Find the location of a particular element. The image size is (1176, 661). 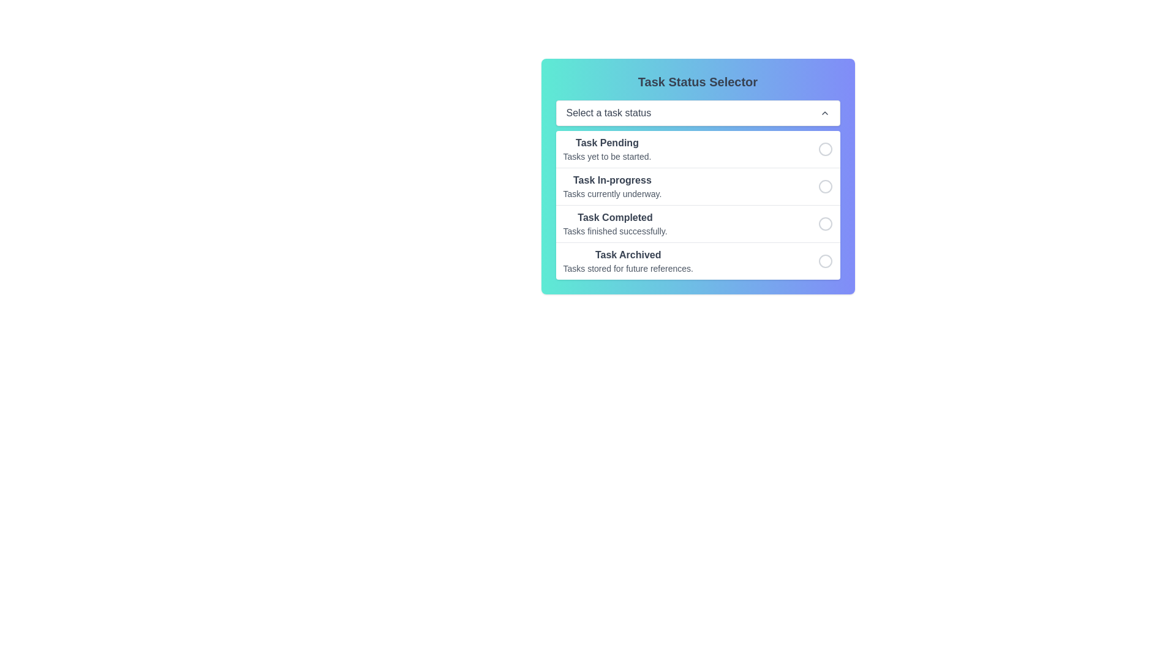

the static text label 'Select a task status' within the dropdown field to trigger a tooltip is located at coordinates (608, 113).